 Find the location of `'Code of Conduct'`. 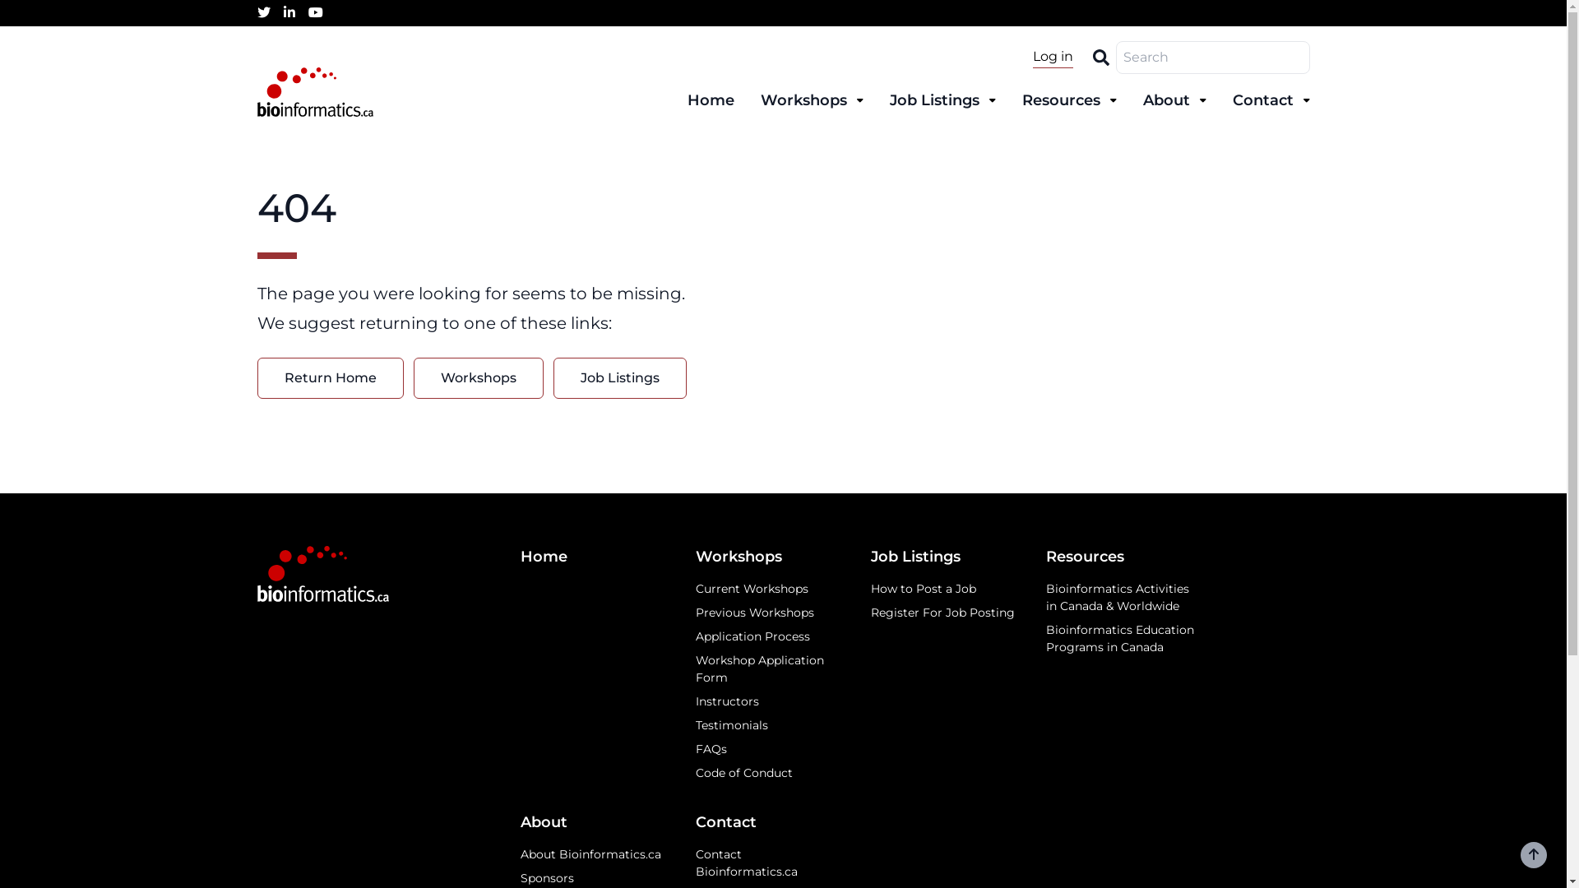

'Code of Conduct' is located at coordinates (770, 773).